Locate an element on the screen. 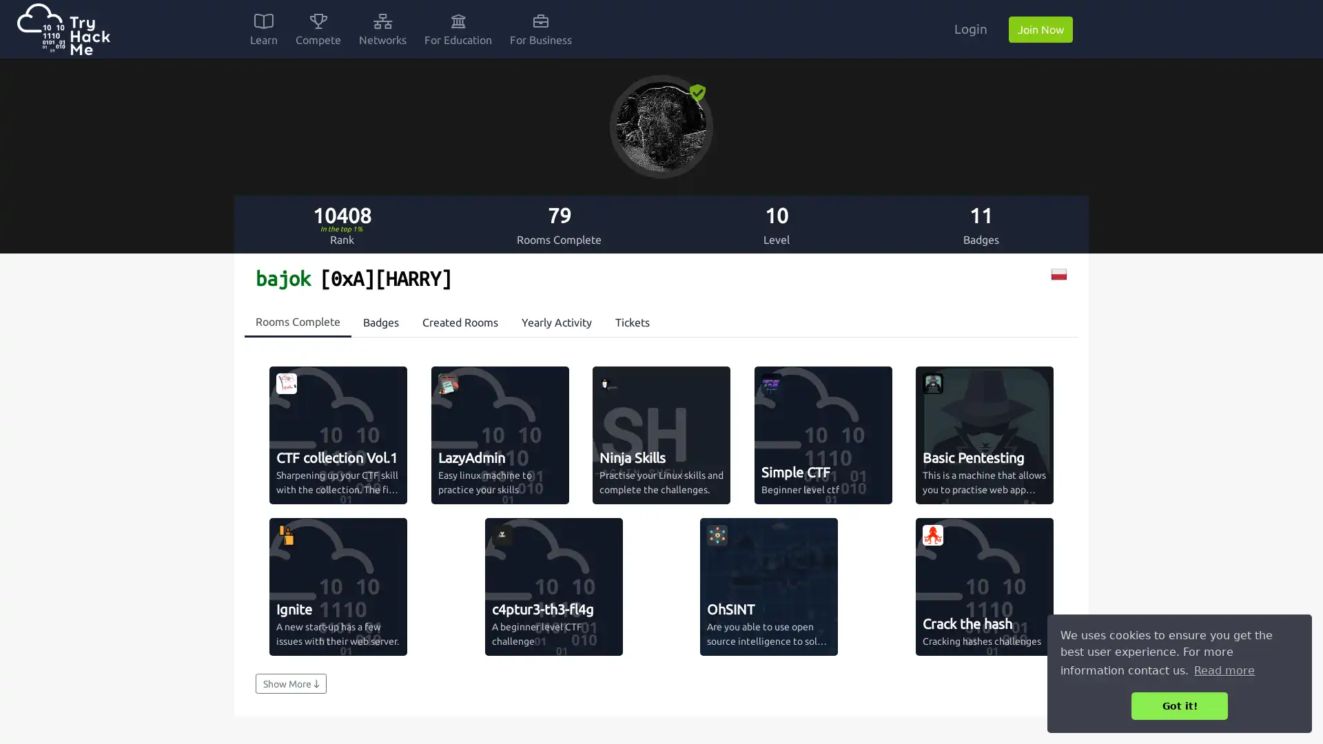  dismiss cookie message is located at coordinates (1179, 705).